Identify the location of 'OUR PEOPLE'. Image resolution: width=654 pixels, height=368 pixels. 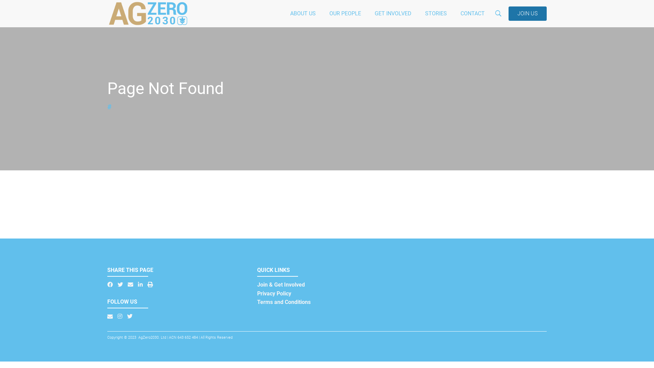
(345, 13).